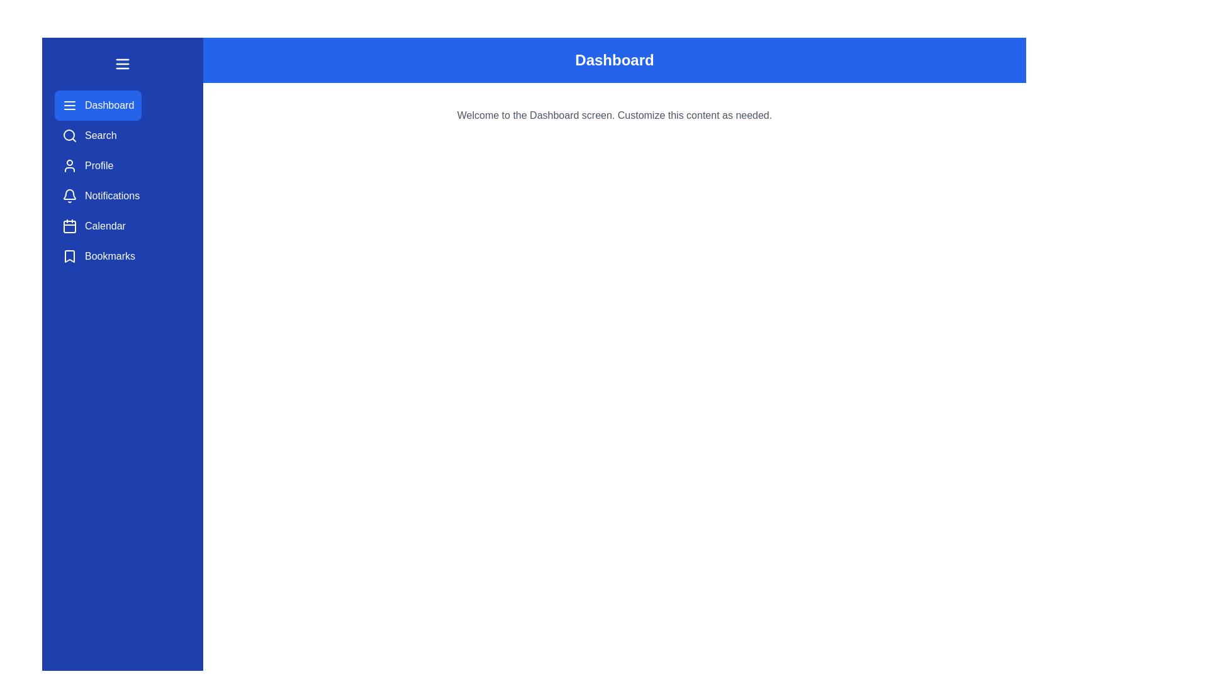 This screenshot has width=1208, height=679. I want to click on the 'Bookmarks' button, which is a rectangular button with a blue background and a bookmark icon, located in the vertical navigation sidebar, so click(98, 256).